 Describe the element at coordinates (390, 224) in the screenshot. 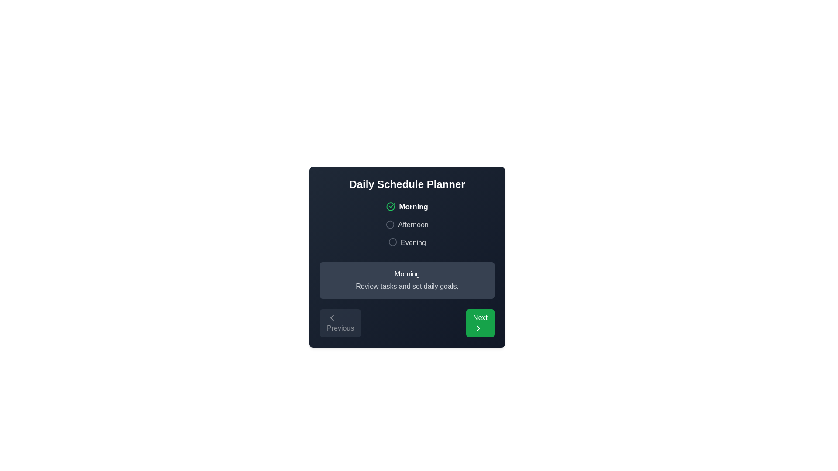

I see `the radio button indicating the 'Afternoon' option for keyboard navigation in the Daily Schedule Planner interface` at that location.